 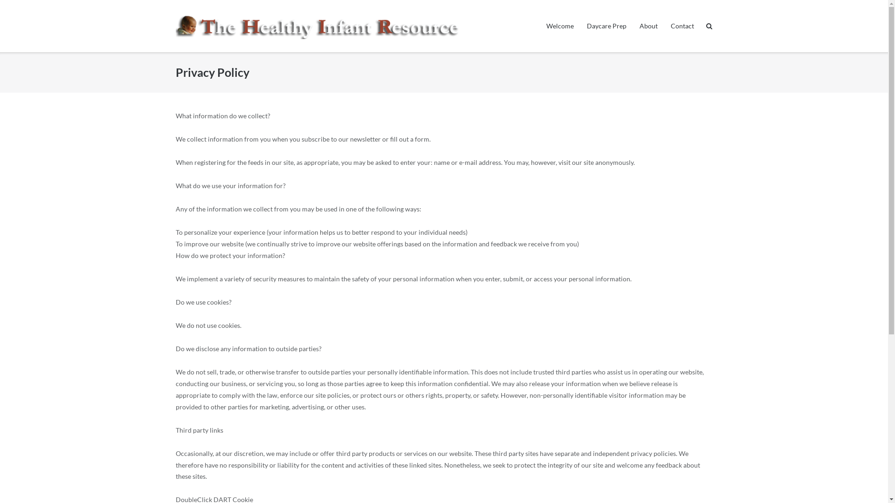 What do you see at coordinates (559, 26) in the screenshot?
I see `'Welcome'` at bounding box center [559, 26].